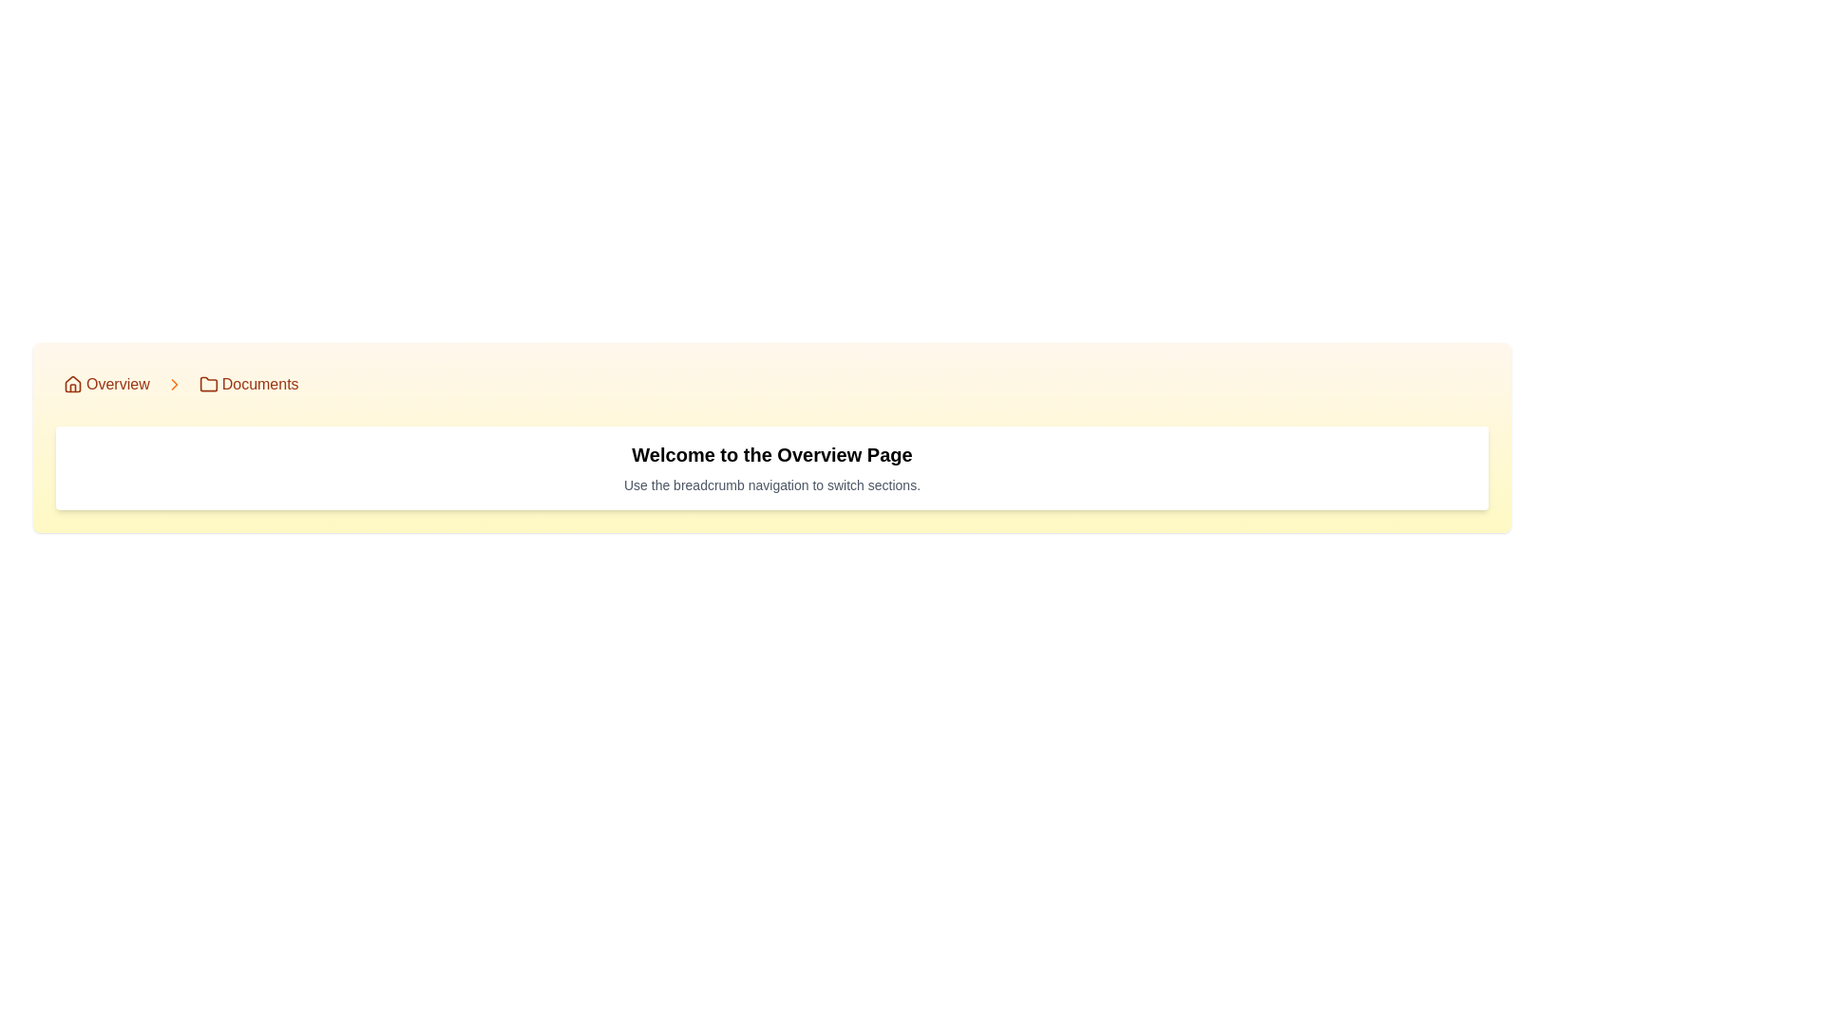 The image size is (1824, 1026). I want to click on text from the 'Overview' label in the breadcrumb navigation bar, which is styled in reddish-brown color and positioned between a house icon and a separator, so click(117, 385).